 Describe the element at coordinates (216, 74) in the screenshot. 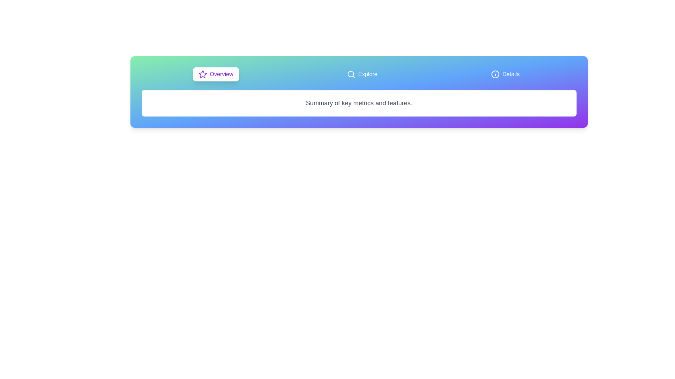

I see `the Overview tab to observe visual feedback` at that location.